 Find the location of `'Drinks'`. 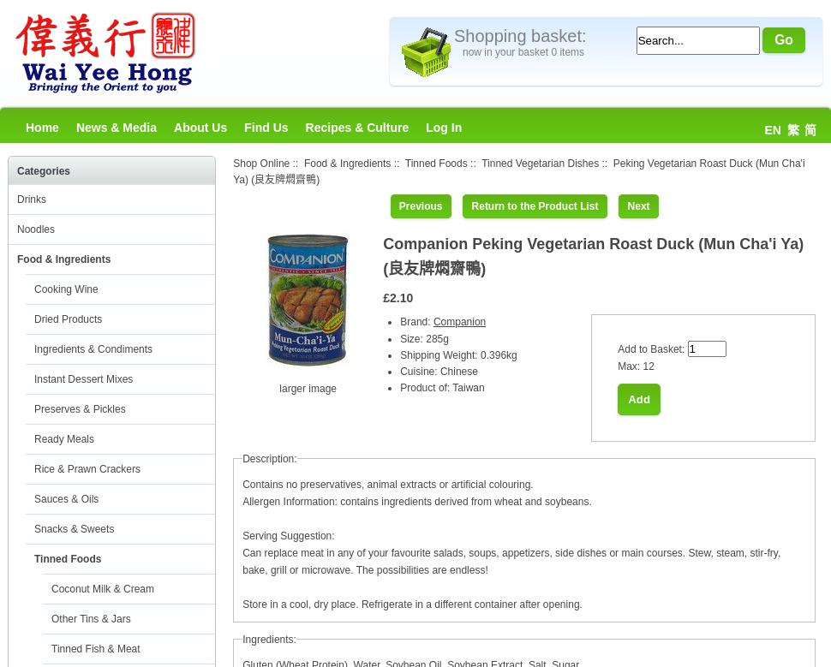

'Drinks' is located at coordinates (31, 199).